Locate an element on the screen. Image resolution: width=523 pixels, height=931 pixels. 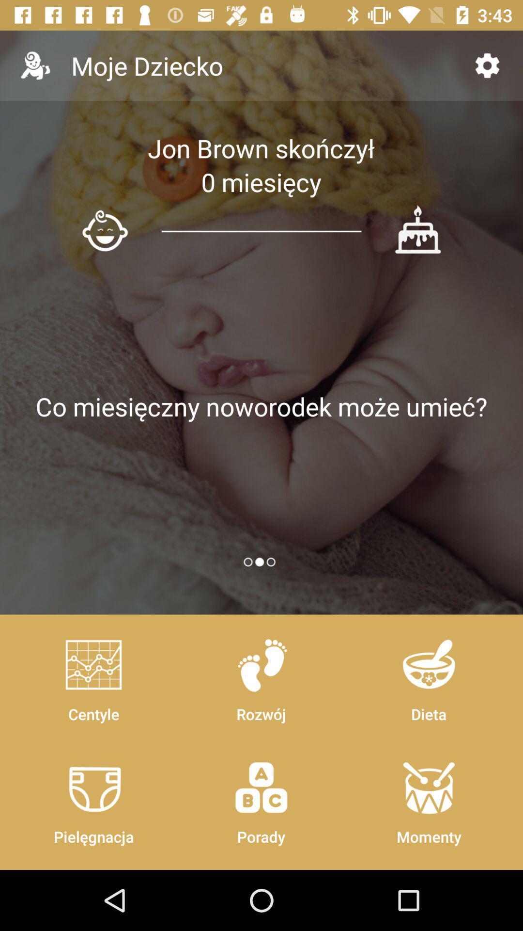
the icon next to the centyle is located at coordinates (261, 798).